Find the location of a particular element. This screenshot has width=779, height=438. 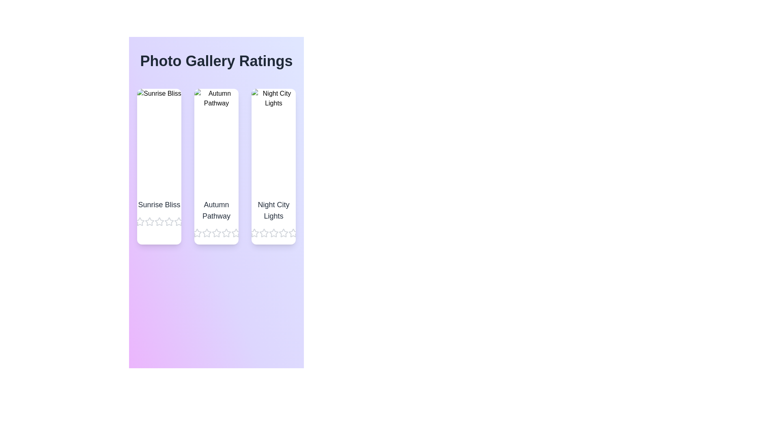

the star corresponding to 3 stars for the image titled Autumn Pathway is located at coordinates (216, 233).